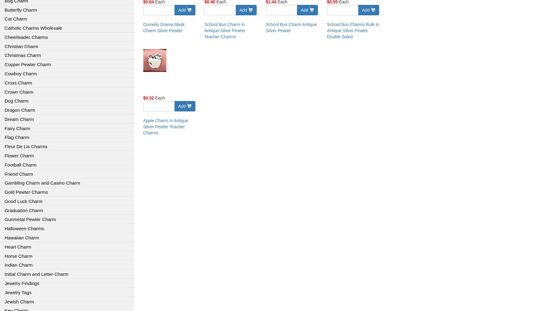  Describe the element at coordinates (4, 46) in the screenshot. I see `'Christian Charm'` at that location.